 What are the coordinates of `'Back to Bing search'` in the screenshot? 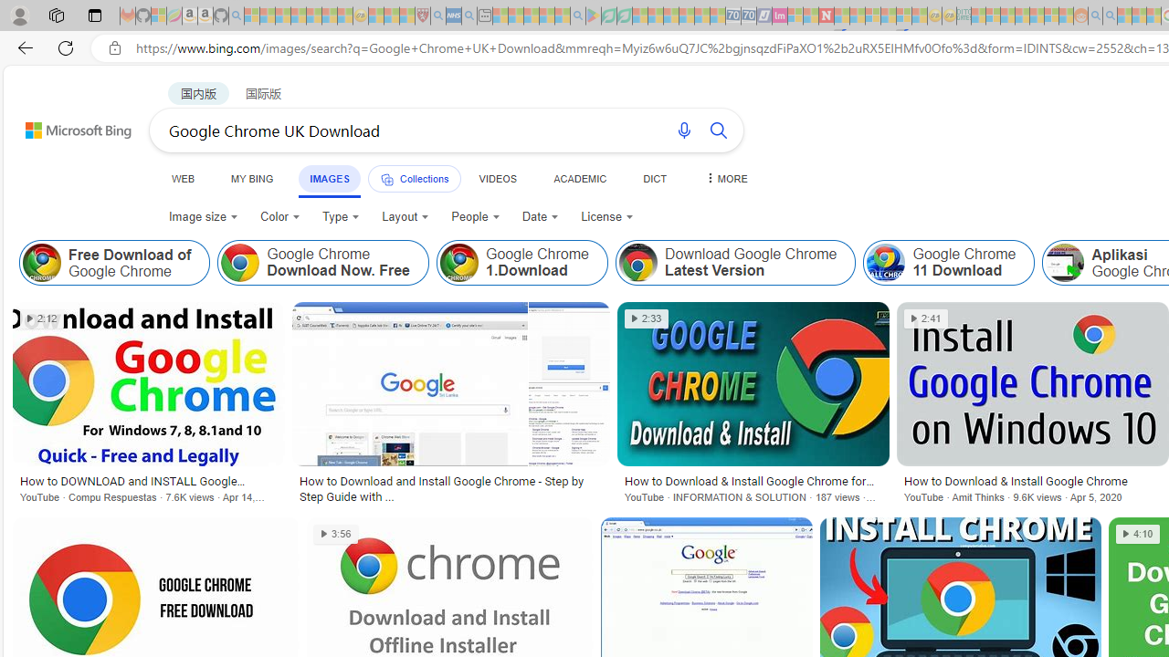 It's located at (67, 125).